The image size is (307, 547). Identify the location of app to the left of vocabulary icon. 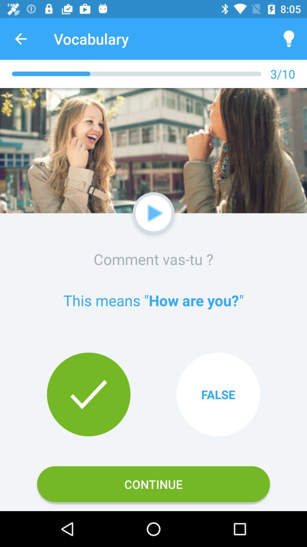
(20, 38).